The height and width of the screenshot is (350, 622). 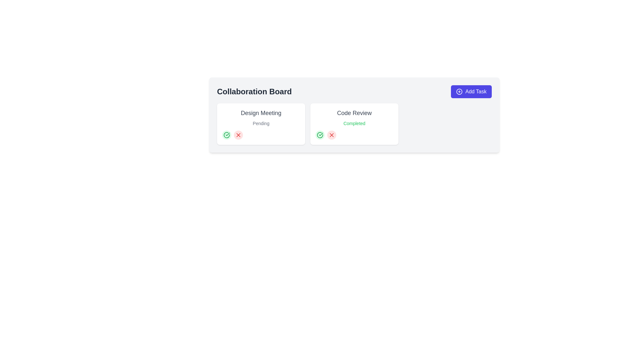 What do you see at coordinates (320, 134) in the screenshot?
I see `the success indicator icon located beneath the 'Code Review' heading in the 'Collaboration Board' area` at bounding box center [320, 134].